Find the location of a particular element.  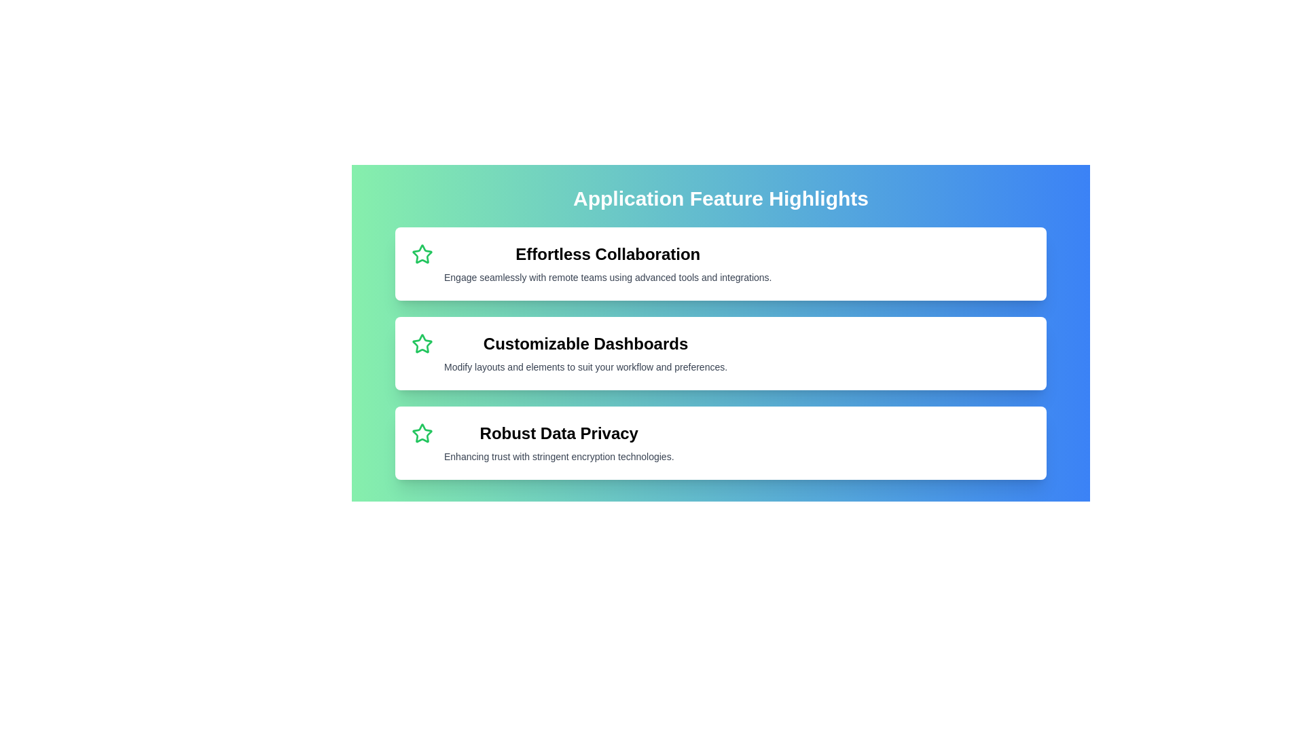

the Informational Card highlighting 'Robust Data Privacy' is located at coordinates (720, 443).